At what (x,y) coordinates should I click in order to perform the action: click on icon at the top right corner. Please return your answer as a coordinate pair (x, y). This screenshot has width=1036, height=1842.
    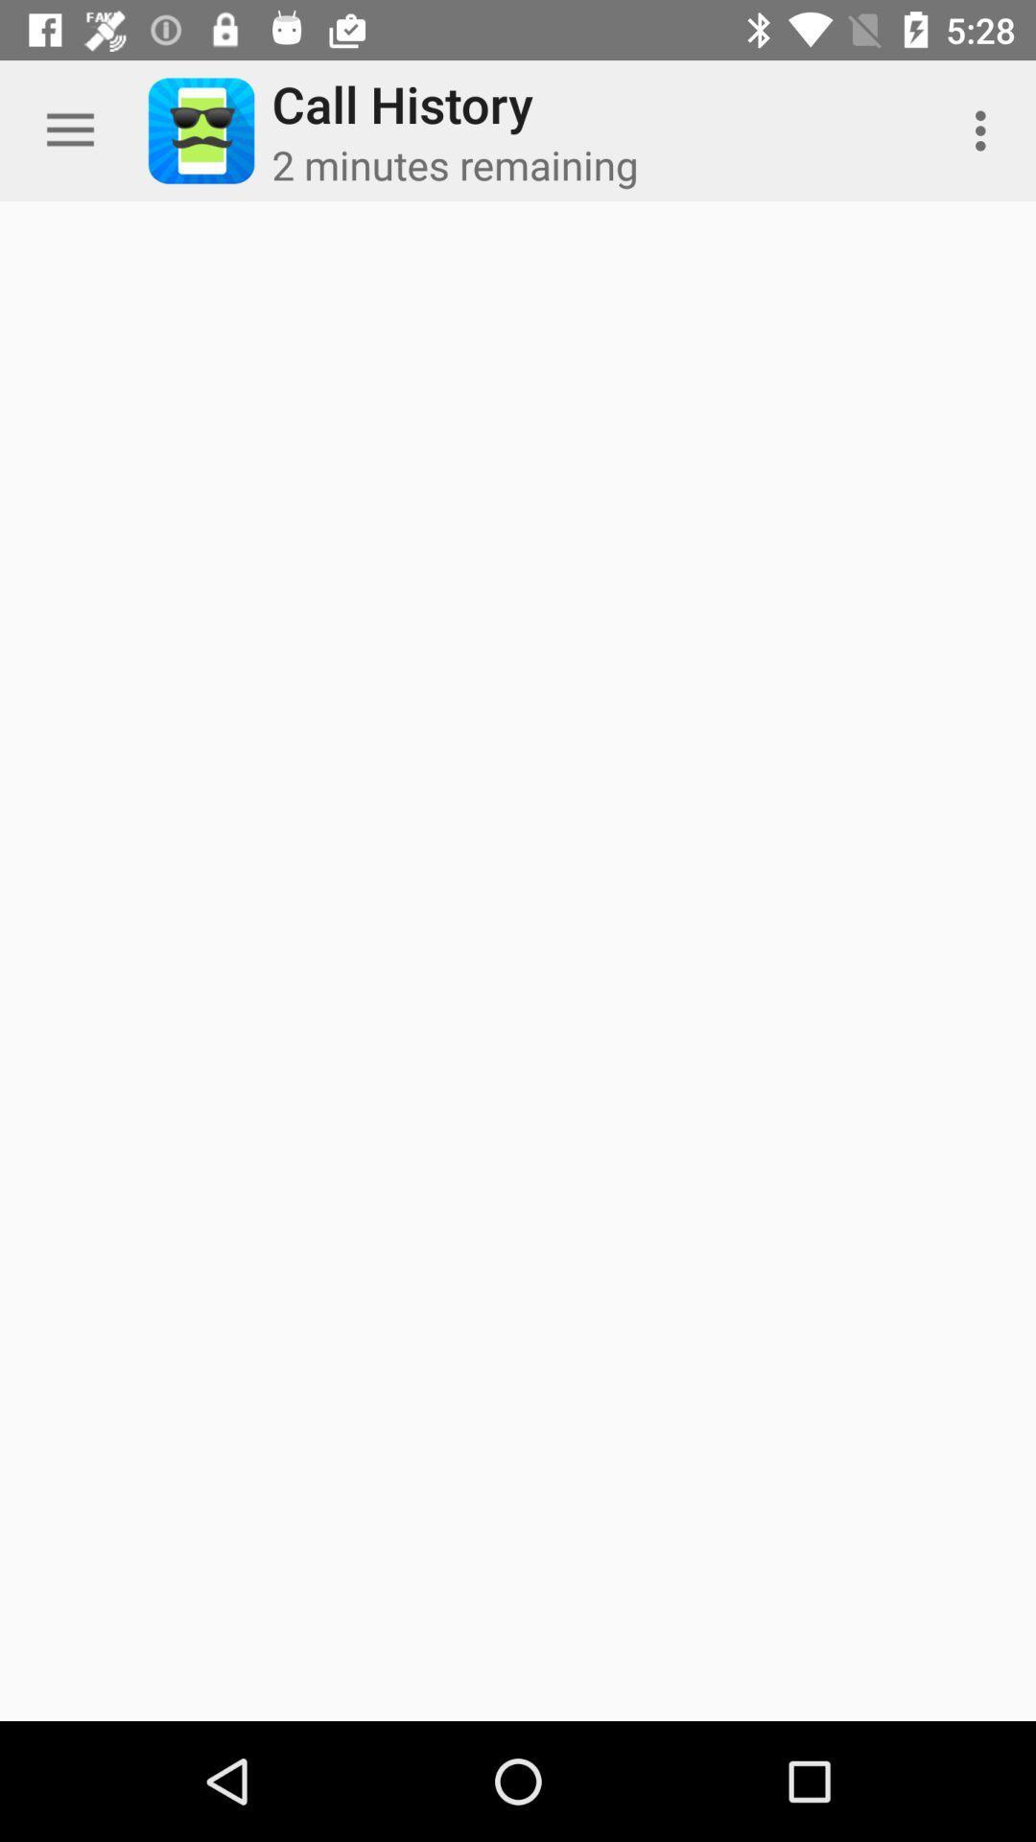
    Looking at the image, I should click on (985, 130).